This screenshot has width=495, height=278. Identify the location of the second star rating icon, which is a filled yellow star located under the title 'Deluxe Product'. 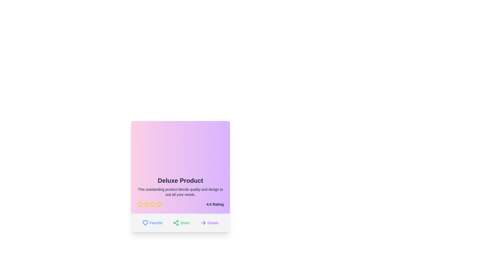
(152, 204).